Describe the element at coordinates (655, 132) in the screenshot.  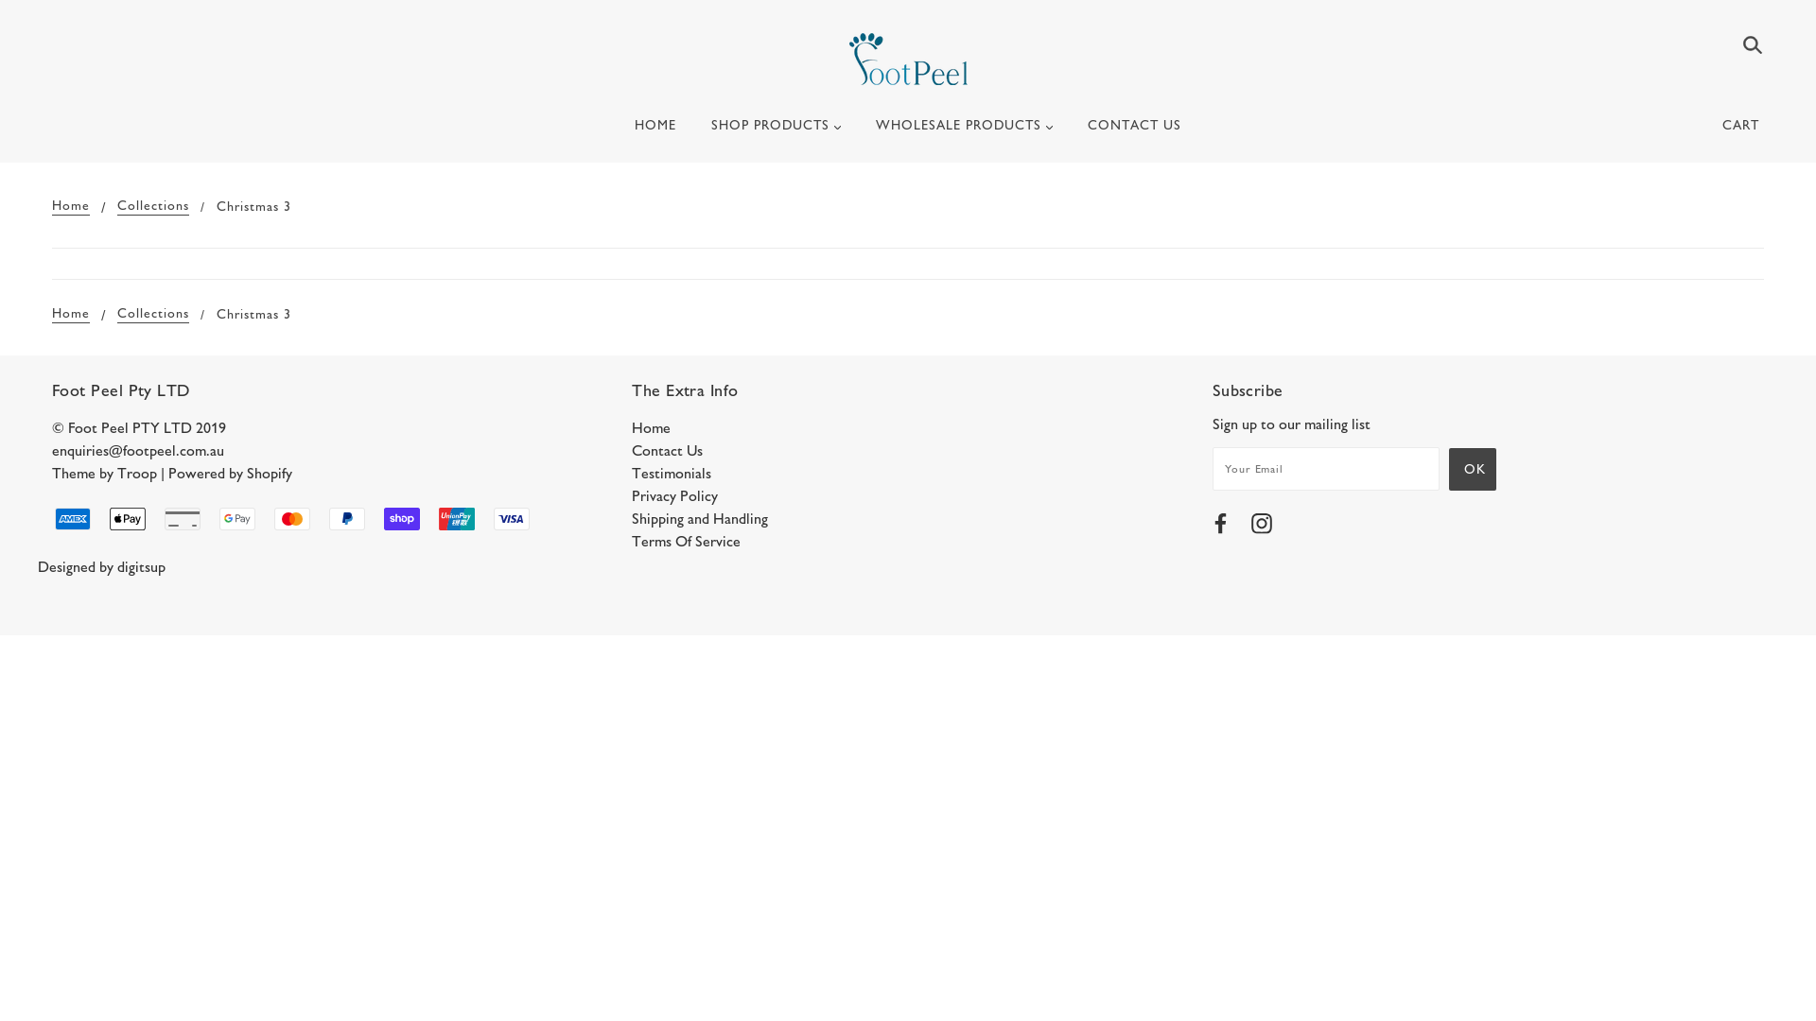
I see `'HOME'` at that location.